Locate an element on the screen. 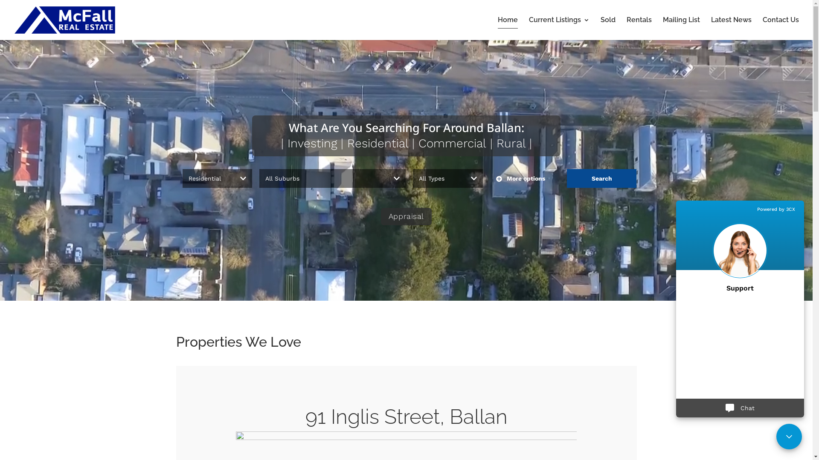 The width and height of the screenshot is (819, 460). 'Home' is located at coordinates (508, 28).